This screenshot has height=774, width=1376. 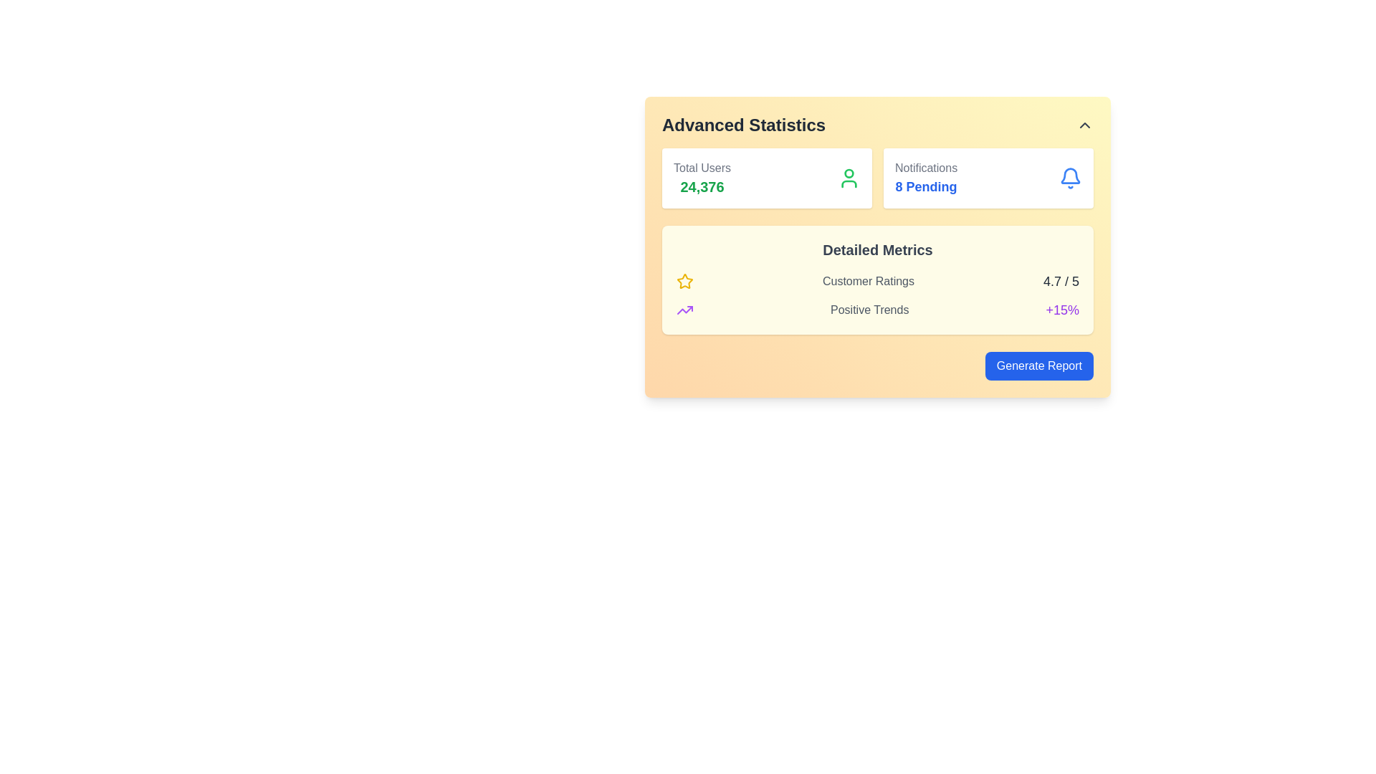 What do you see at coordinates (876, 365) in the screenshot?
I see `the button located in the 'Advanced Statistics' module at the bottom-right corner below the 'Detailed Metrics' section to generate a report` at bounding box center [876, 365].